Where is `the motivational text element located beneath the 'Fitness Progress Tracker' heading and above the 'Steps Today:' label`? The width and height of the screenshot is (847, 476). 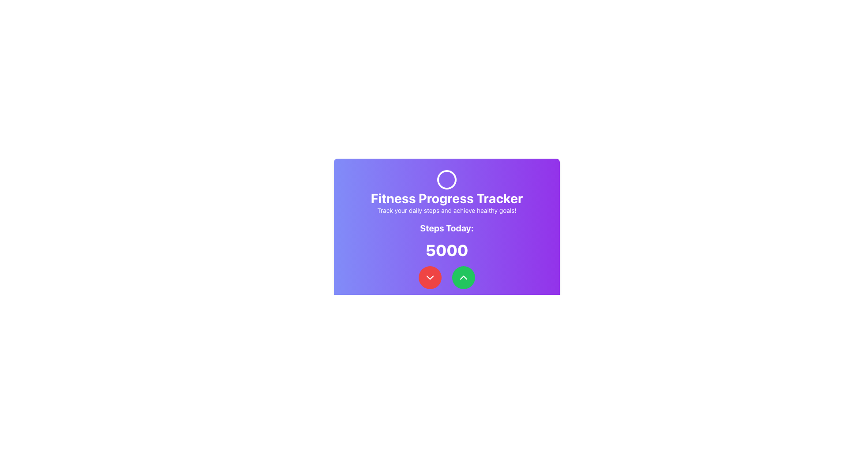 the motivational text element located beneath the 'Fitness Progress Tracker' heading and above the 'Steps Today:' label is located at coordinates (446, 211).